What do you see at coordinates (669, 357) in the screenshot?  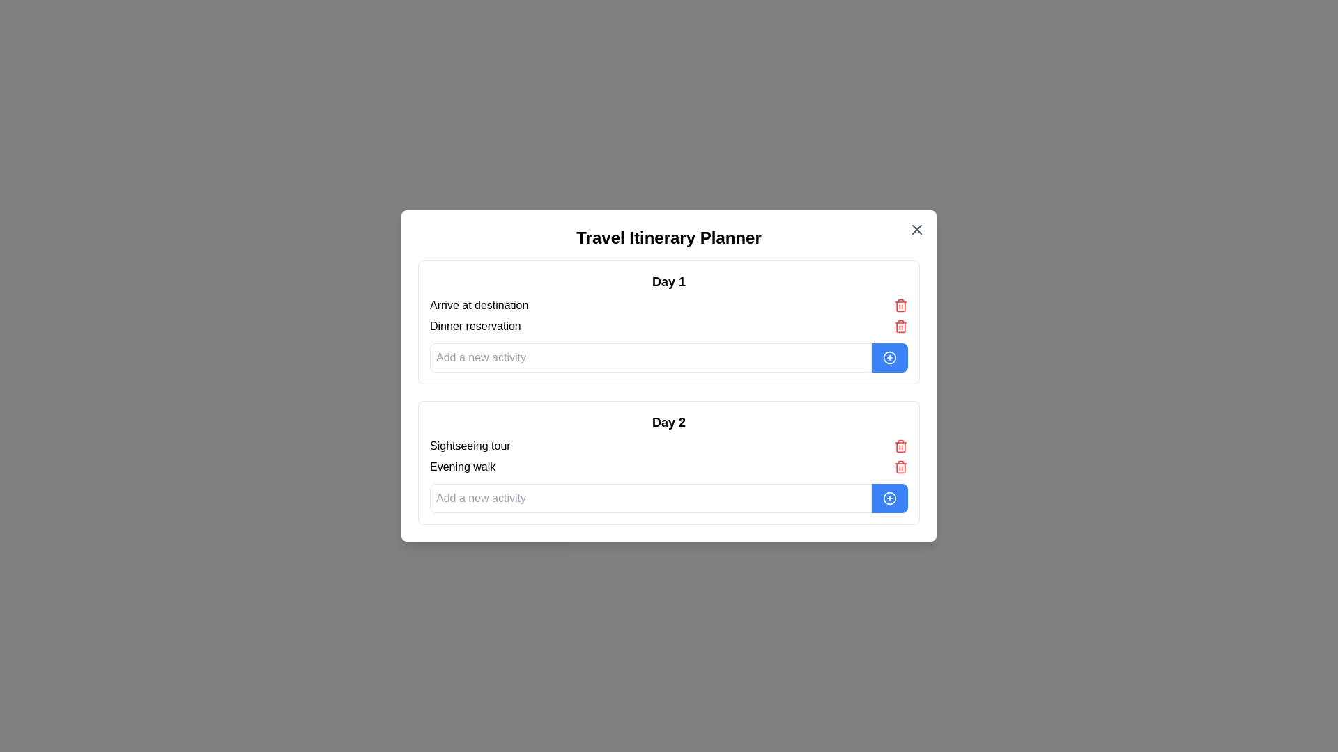 I see `the input field of the composite component that includes a text input for adding a new activity and a '+' button, located below the listed activities under the 'Day 1' section` at bounding box center [669, 357].